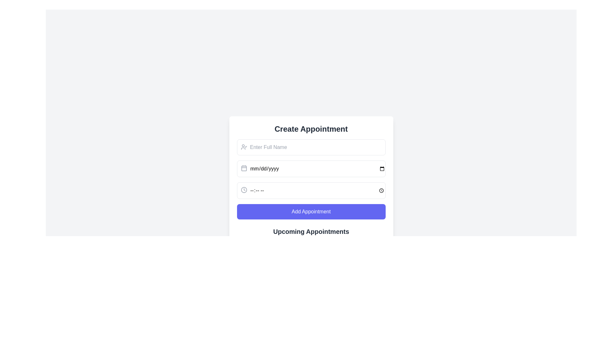  Describe the element at coordinates (243, 190) in the screenshot. I see `the circular background component of the clock icon in the time selection input field of the Create Appointment form` at that location.